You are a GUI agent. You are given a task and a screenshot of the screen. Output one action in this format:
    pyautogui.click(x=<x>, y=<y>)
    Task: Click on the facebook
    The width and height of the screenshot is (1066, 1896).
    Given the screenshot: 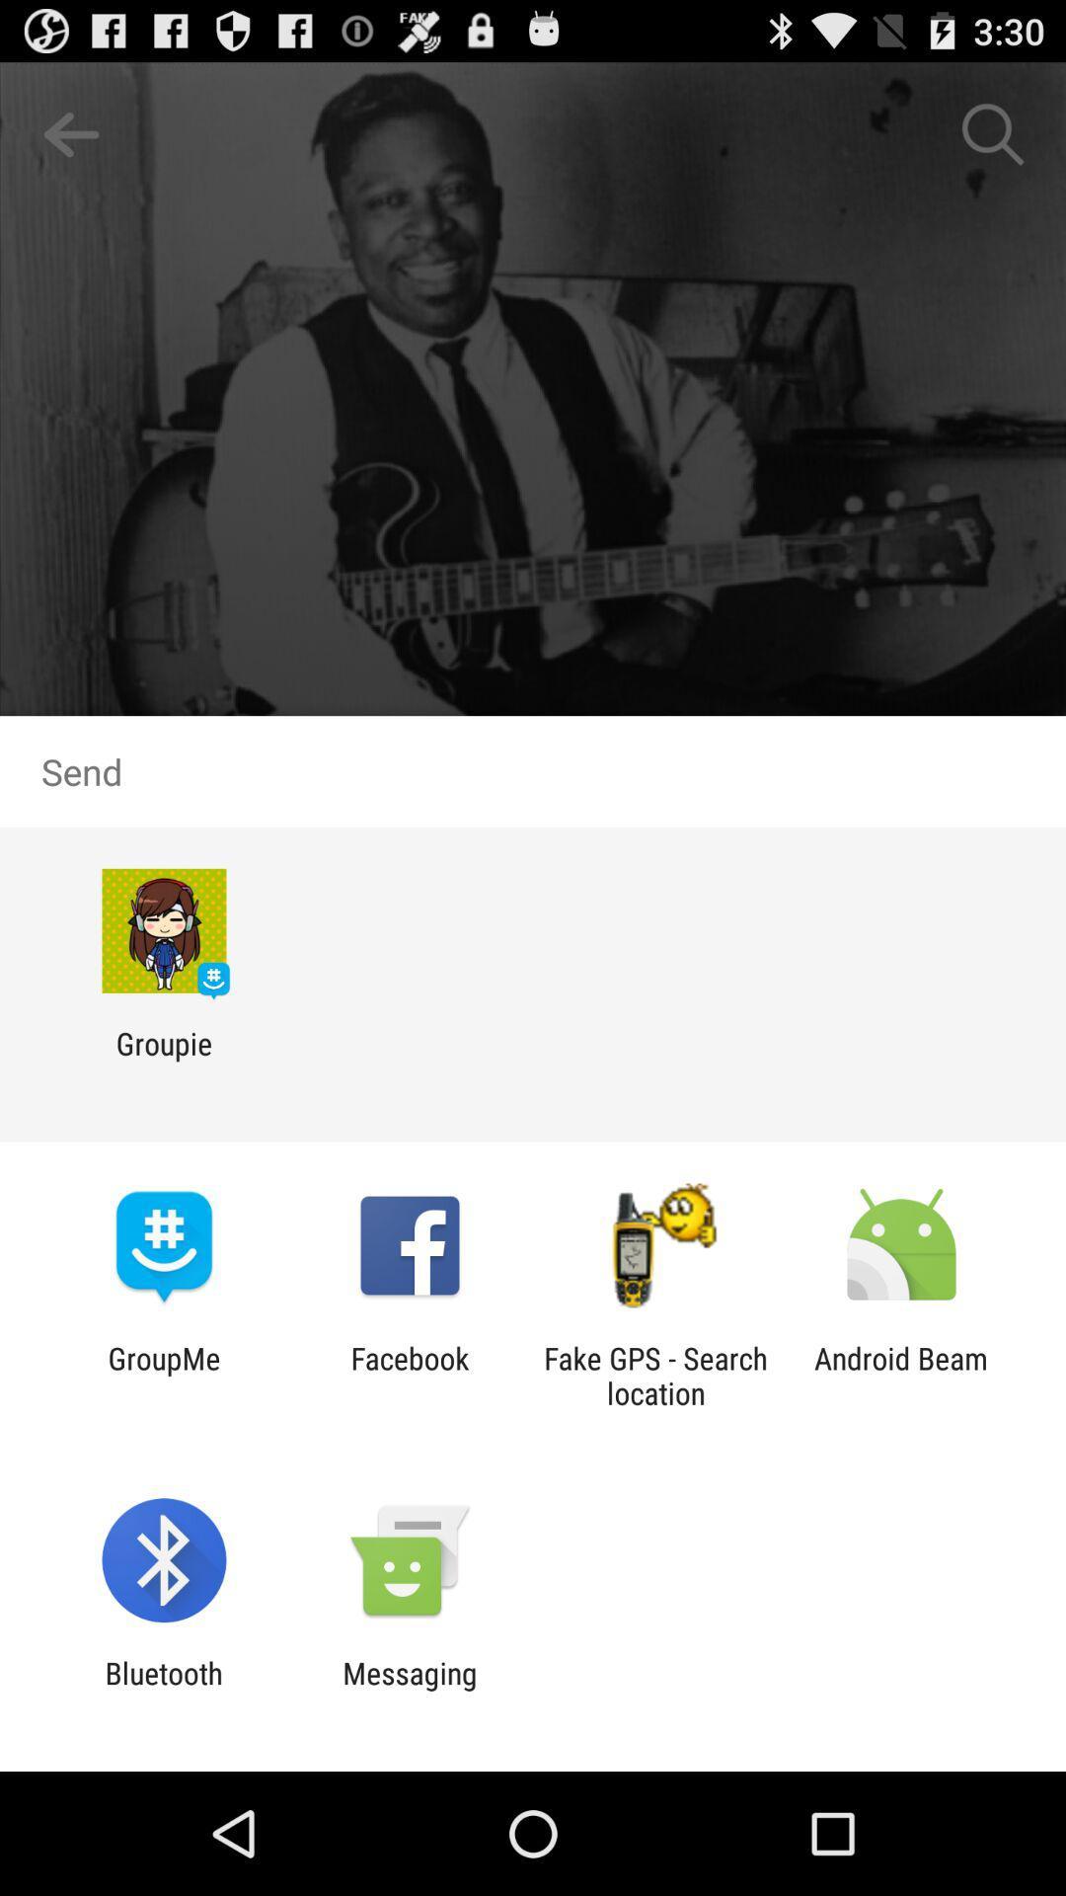 What is the action you would take?
    pyautogui.click(x=409, y=1375)
    